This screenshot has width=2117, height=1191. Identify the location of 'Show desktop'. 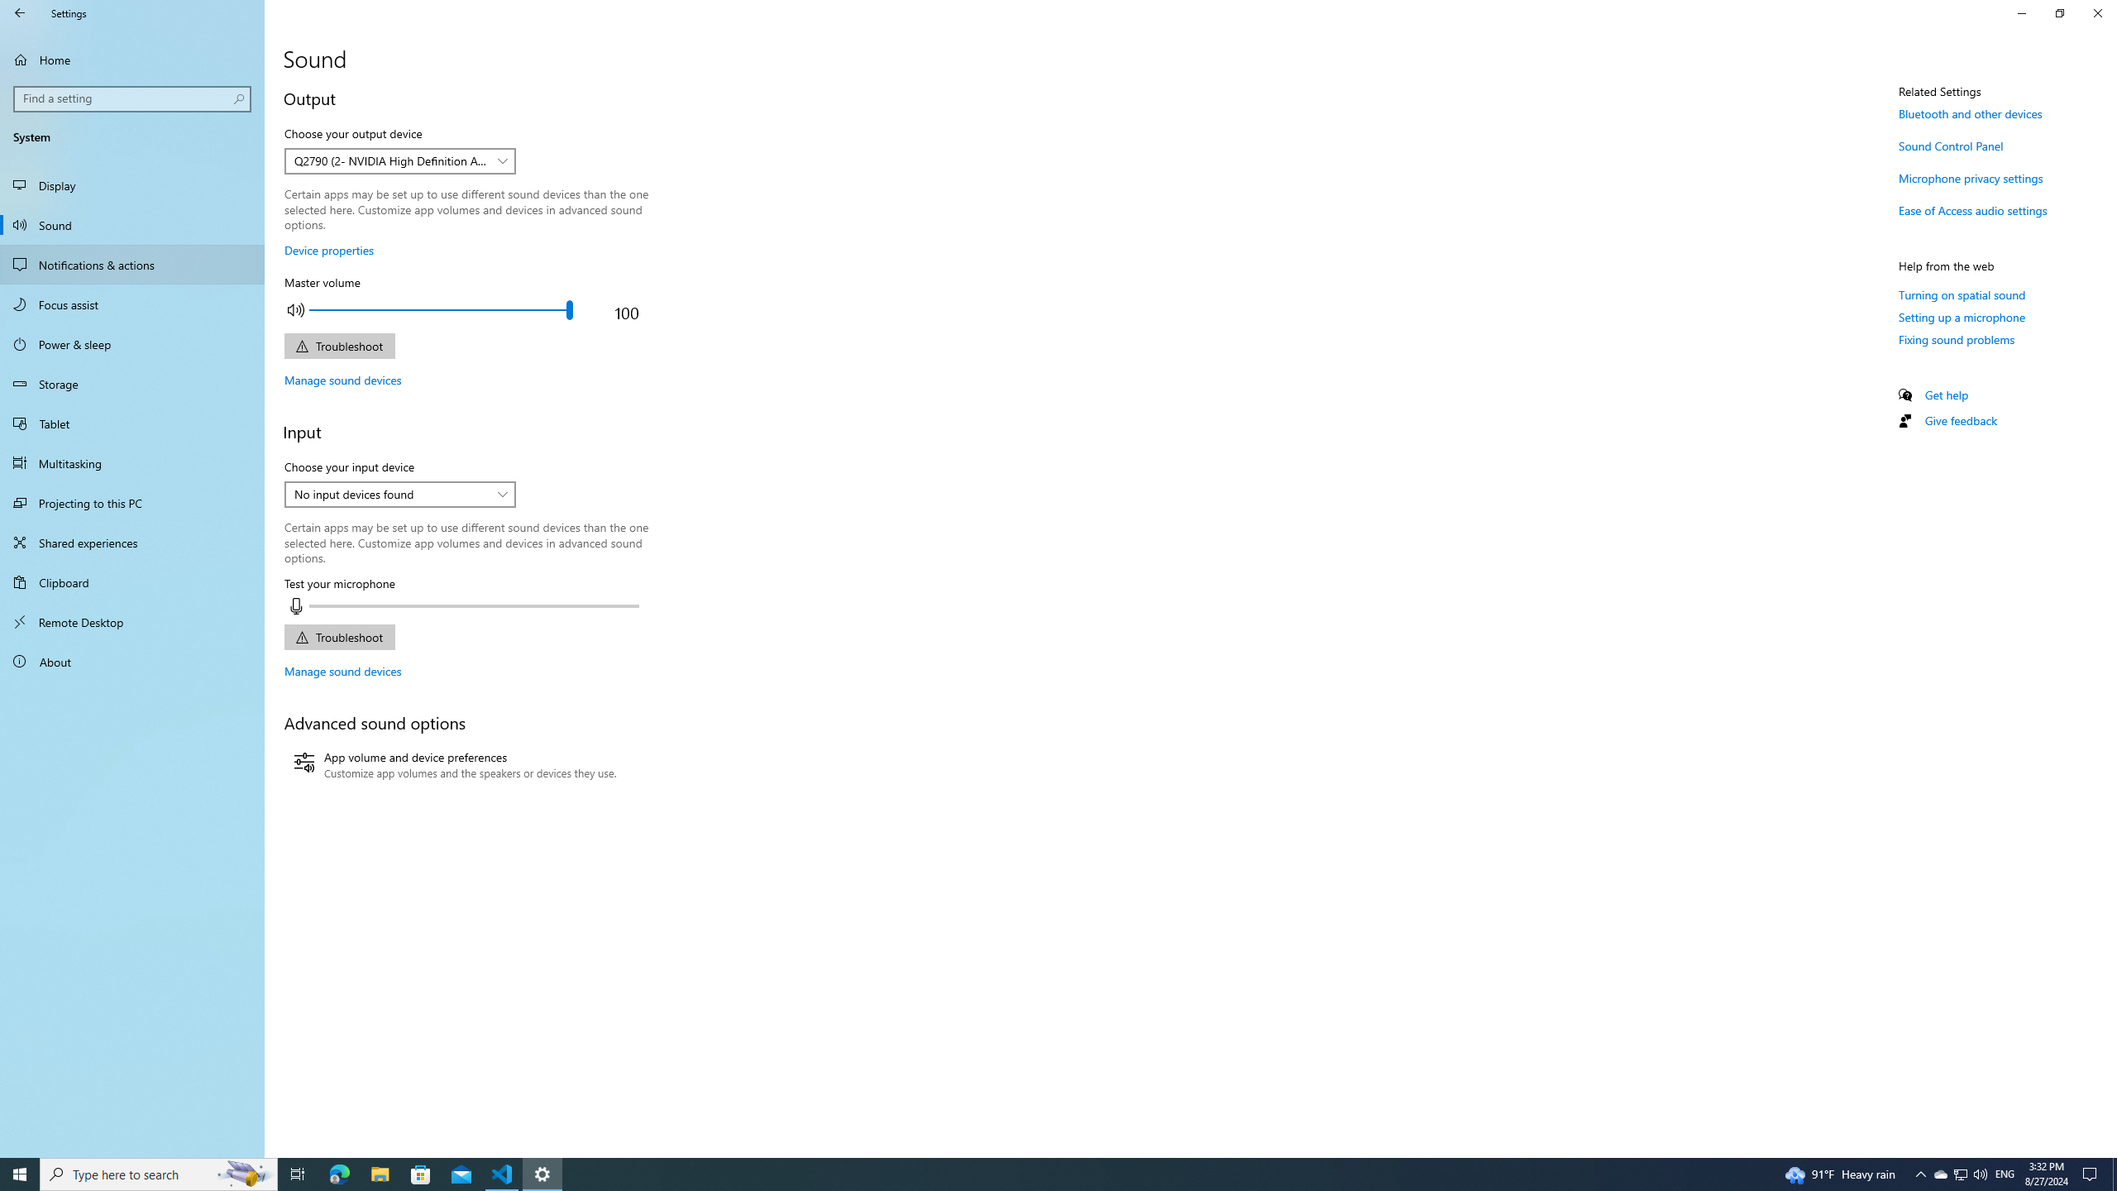
(2114, 1173).